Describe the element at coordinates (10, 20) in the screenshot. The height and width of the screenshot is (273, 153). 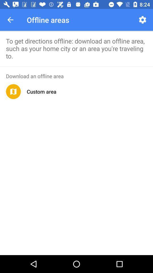
I see `the app next to the offline areas icon` at that location.